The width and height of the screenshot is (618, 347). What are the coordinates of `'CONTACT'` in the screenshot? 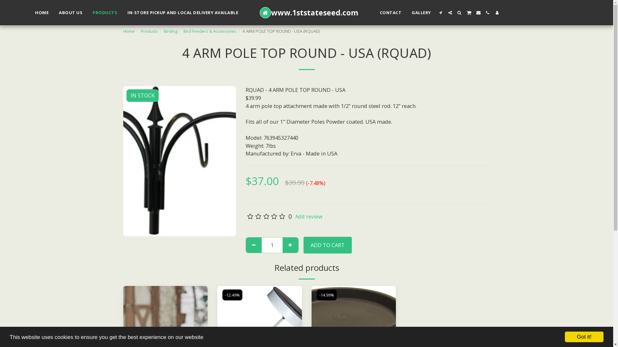 It's located at (390, 12).